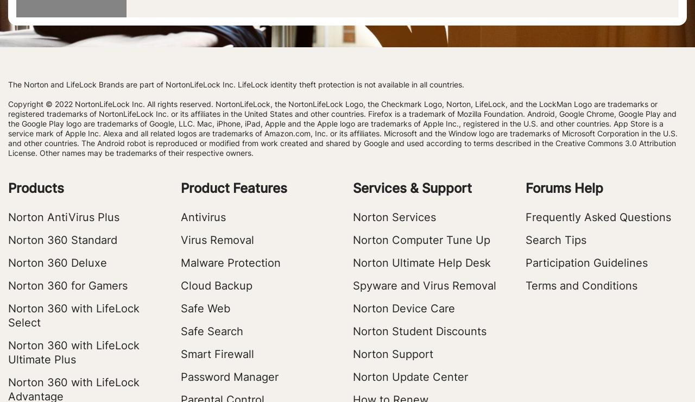 This screenshot has height=402, width=695. I want to click on 'Norton 360 Deluxe', so click(56, 263).